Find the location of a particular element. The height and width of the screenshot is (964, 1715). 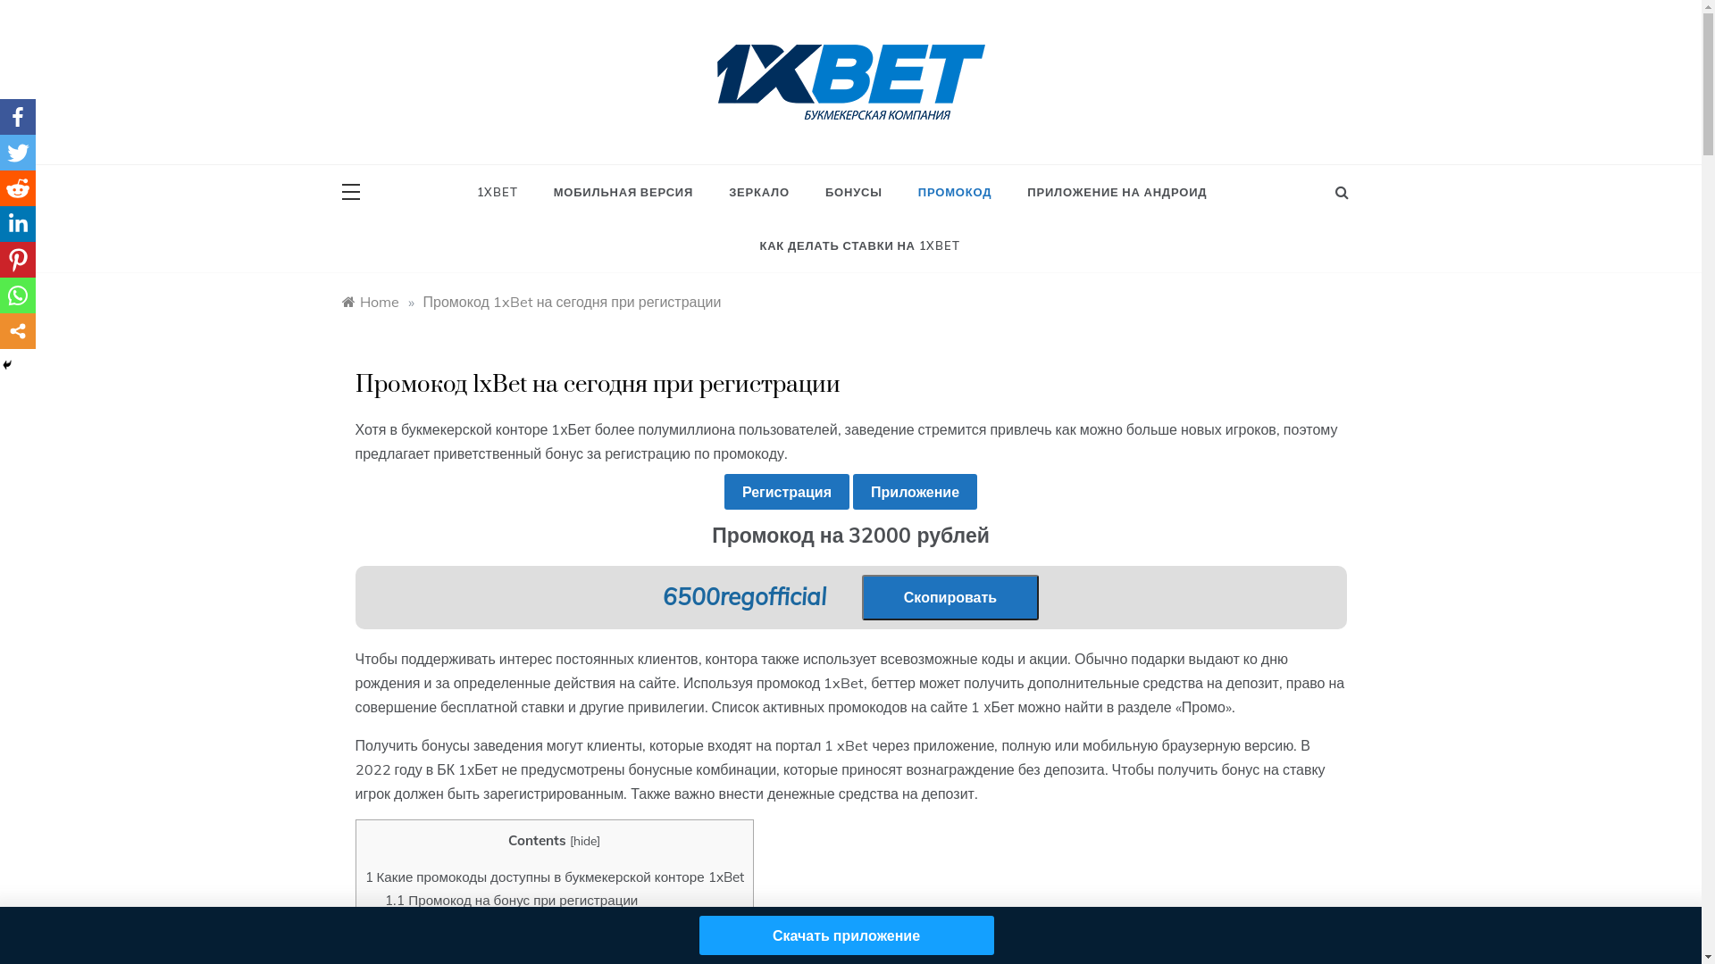

'Home' is located at coordinates (368, 301).